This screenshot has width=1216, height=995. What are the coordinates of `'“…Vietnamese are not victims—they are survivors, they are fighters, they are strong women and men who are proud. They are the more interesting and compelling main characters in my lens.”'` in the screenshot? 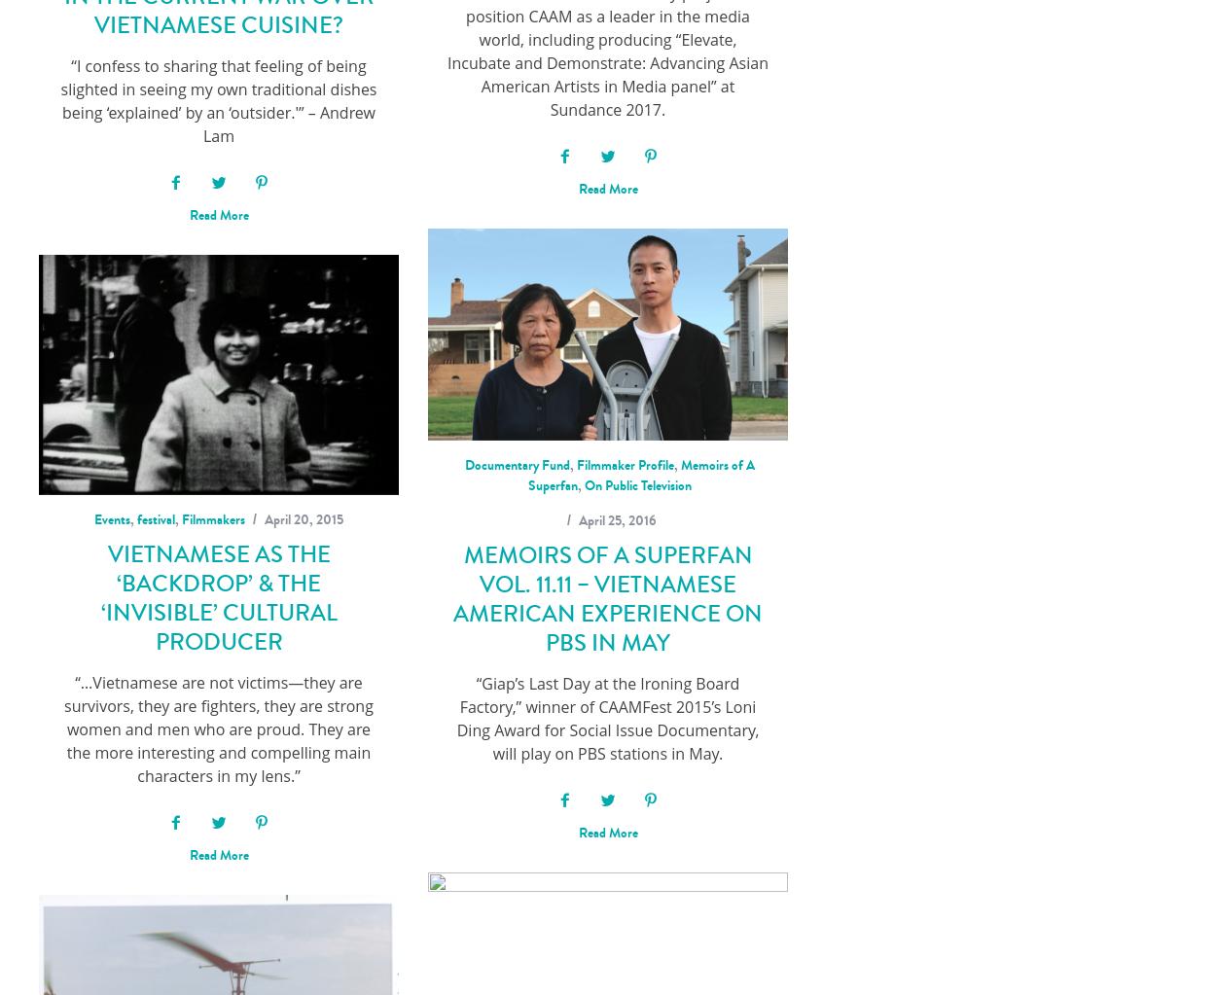 It's located at (217, 728).